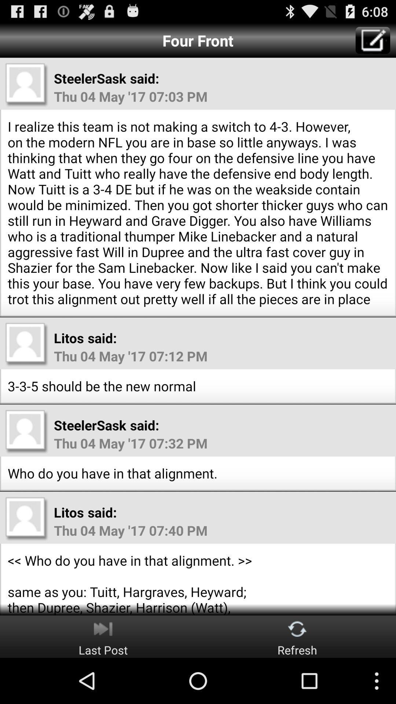 This screenshot has height=704, width=396. Describe the element at coordinates (297, 636) in the screenshot. I see `refresh button` at that location.